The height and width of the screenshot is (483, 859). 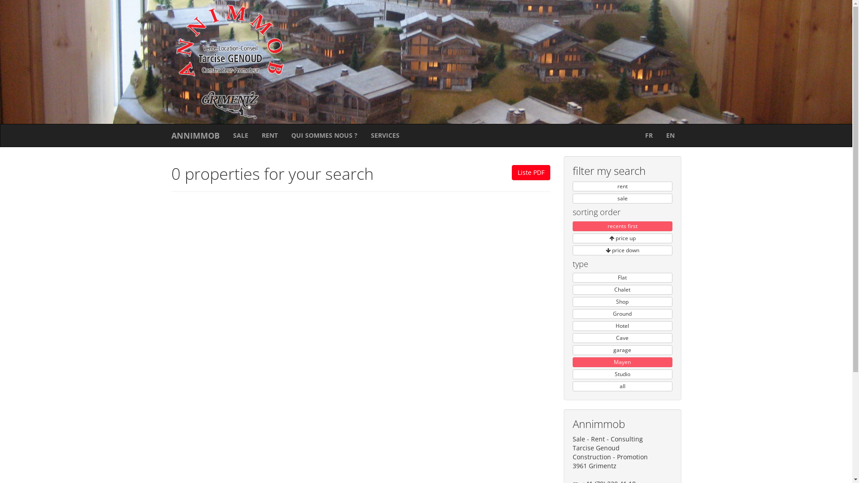 I want to click on 'rent', so click(x=573, y=186).